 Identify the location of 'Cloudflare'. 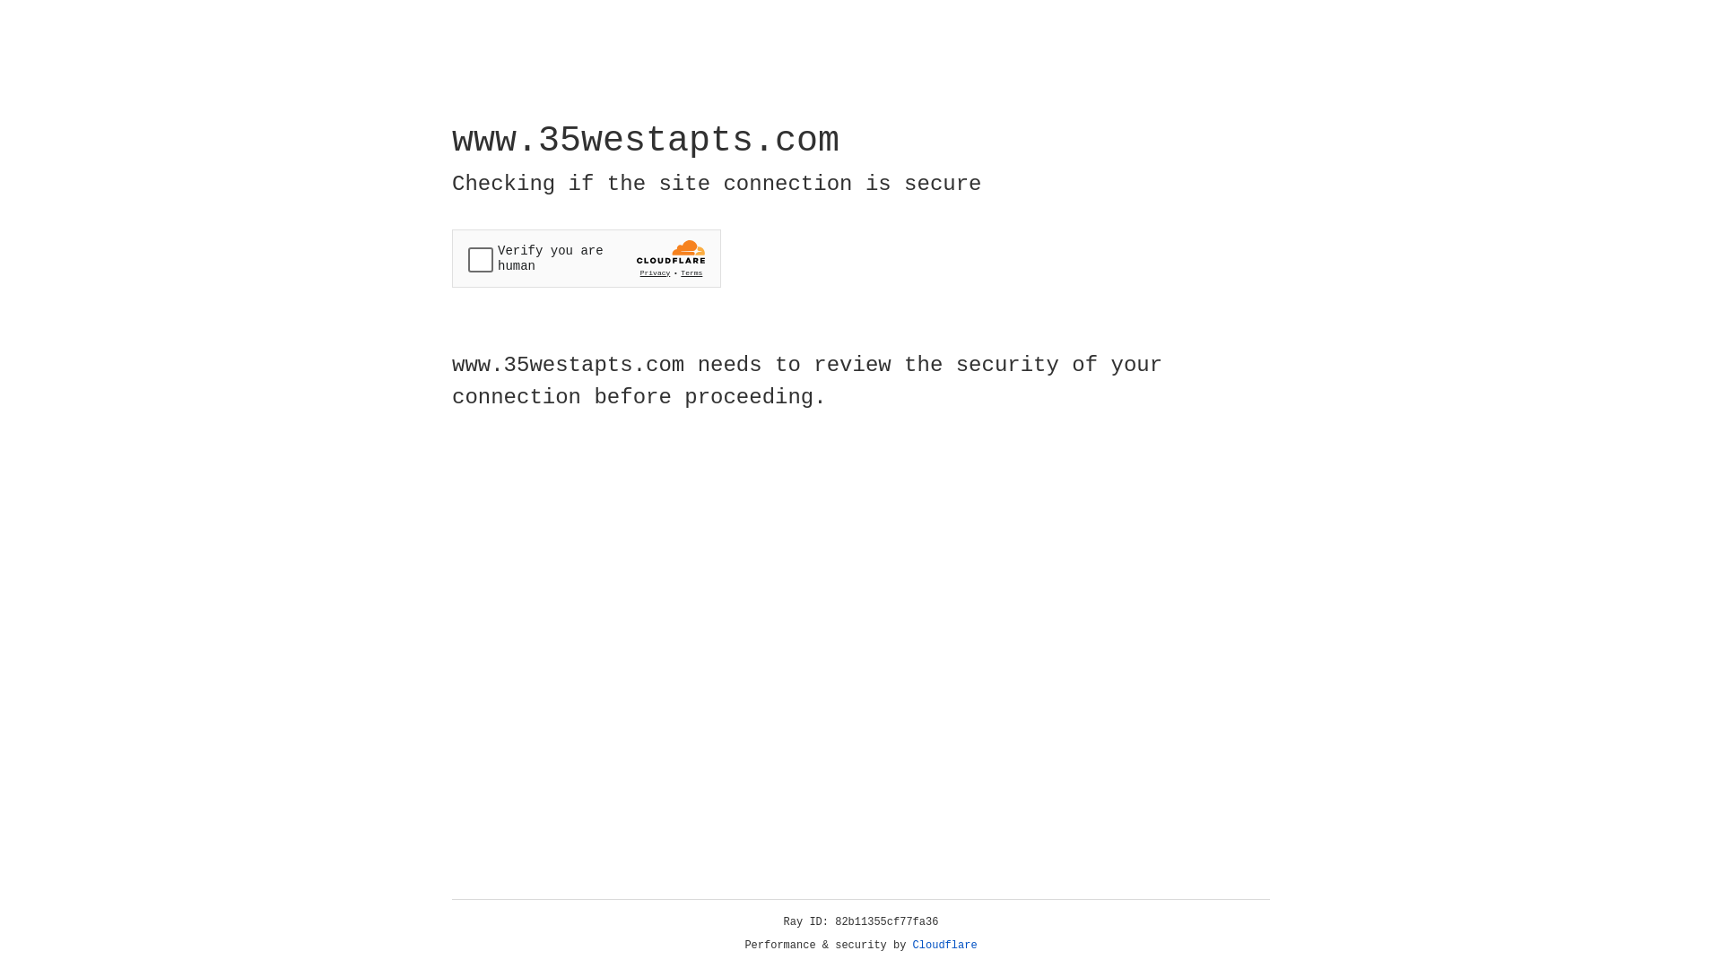
(944, 945).